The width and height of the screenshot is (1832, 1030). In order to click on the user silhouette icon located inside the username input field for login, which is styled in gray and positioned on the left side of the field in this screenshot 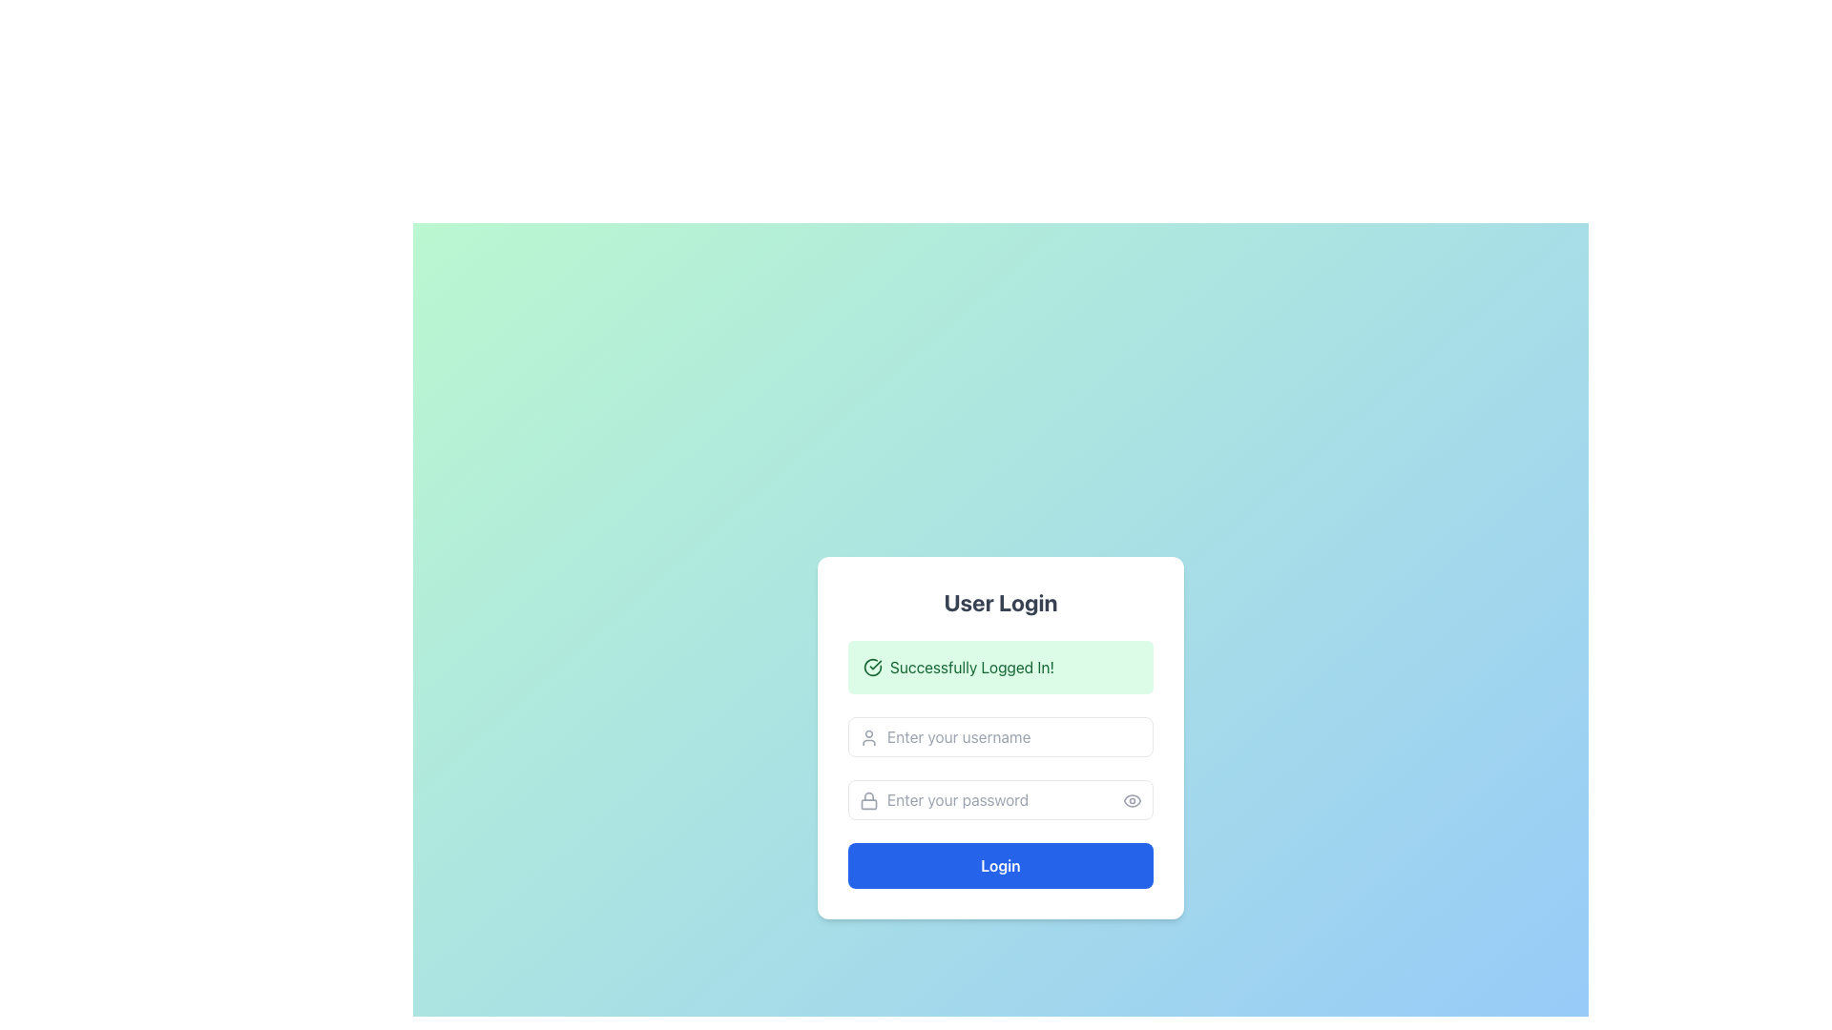, I will do `click(868, 737)`.